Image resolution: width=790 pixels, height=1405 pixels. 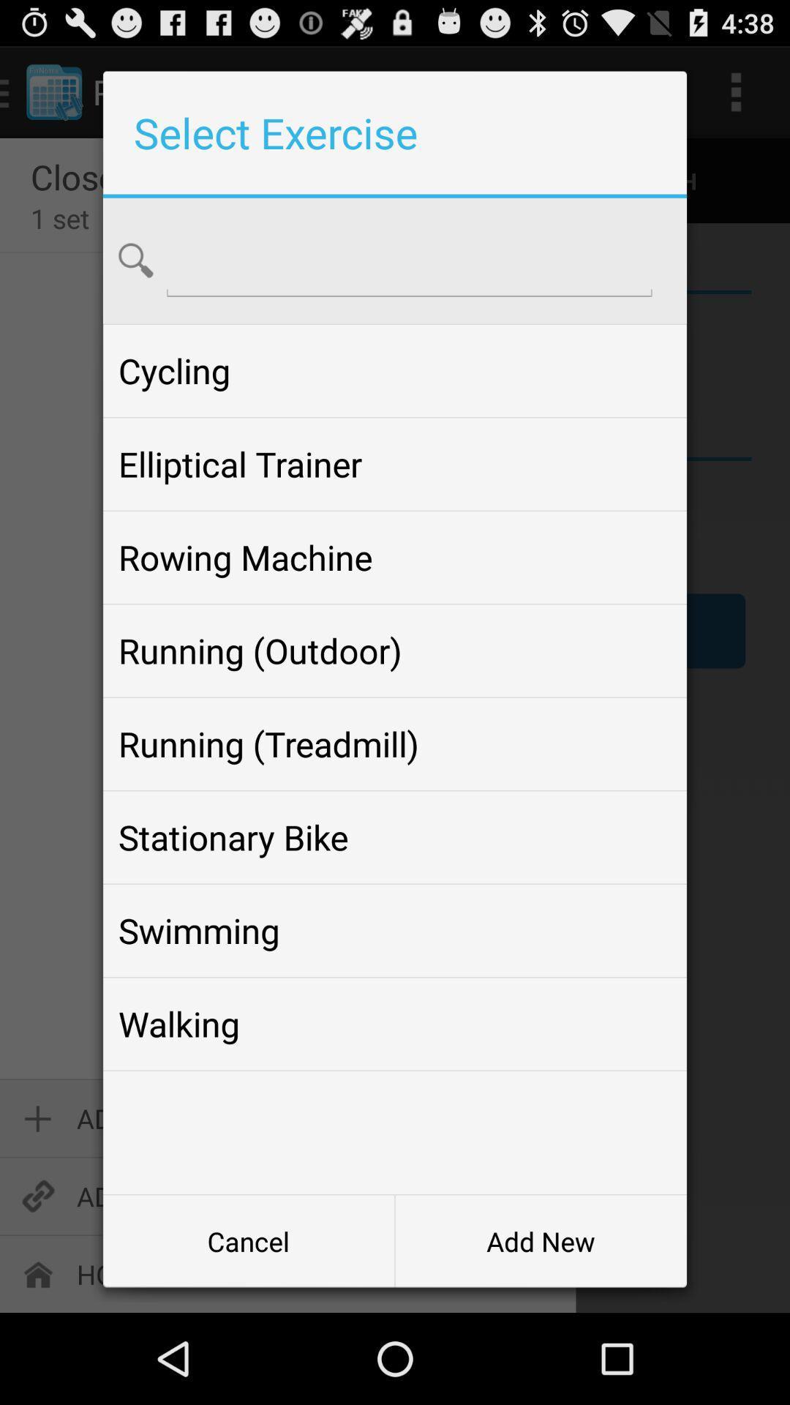 I want to click on the icon above walking, so click(x=395, y=930).